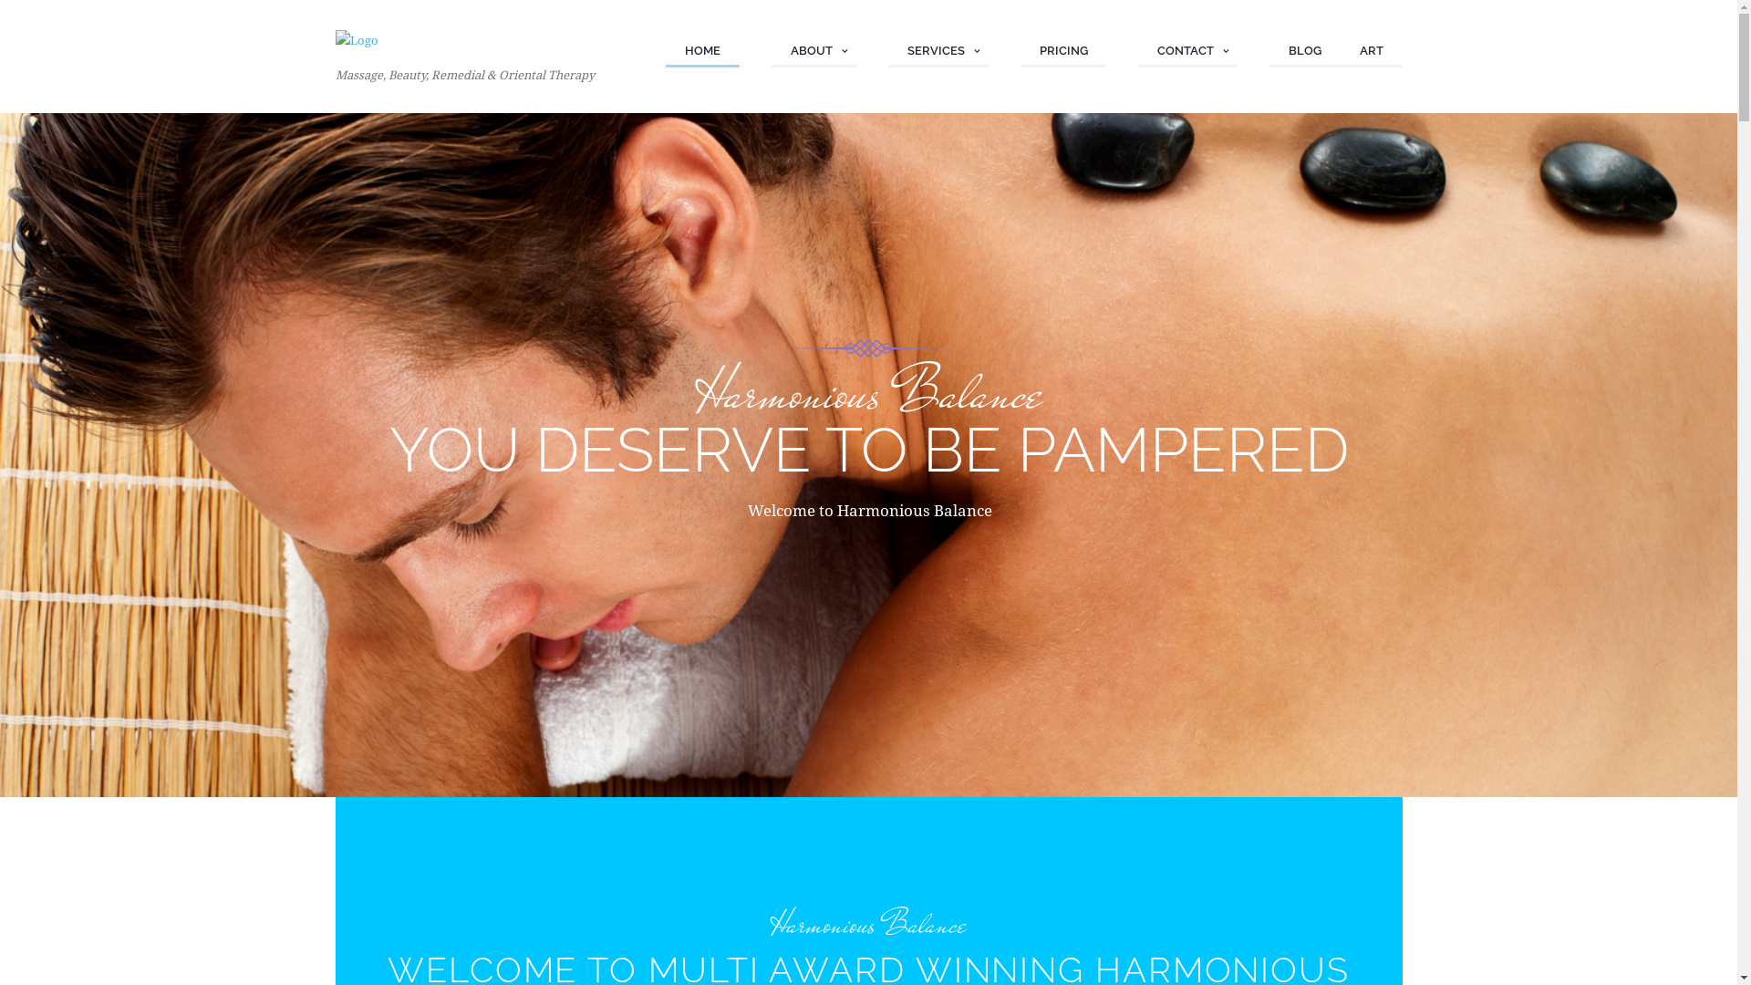 The width and height of the screenshot is (1751, 985). What do you see at coordinates (1371, 51) in the screenshot?
I see `'ART'` at bounding box center [1371, 51].